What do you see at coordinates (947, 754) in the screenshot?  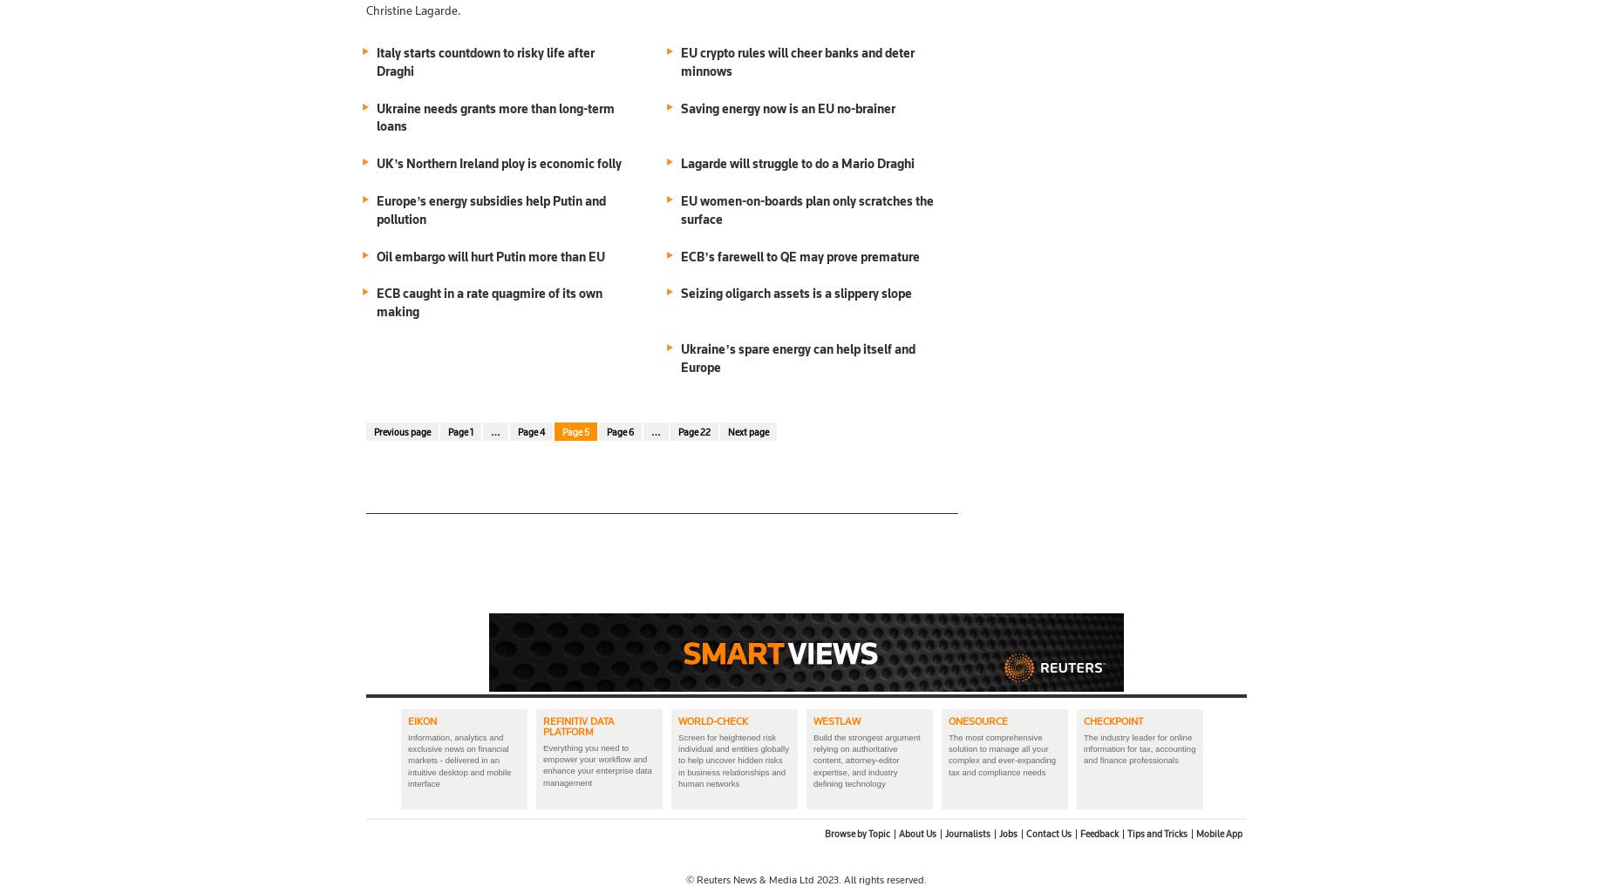 I see `'The most comprehensive solution to manage all your complex and ever-expanding tax and compliance needs'` at bounding box center [947, 754].